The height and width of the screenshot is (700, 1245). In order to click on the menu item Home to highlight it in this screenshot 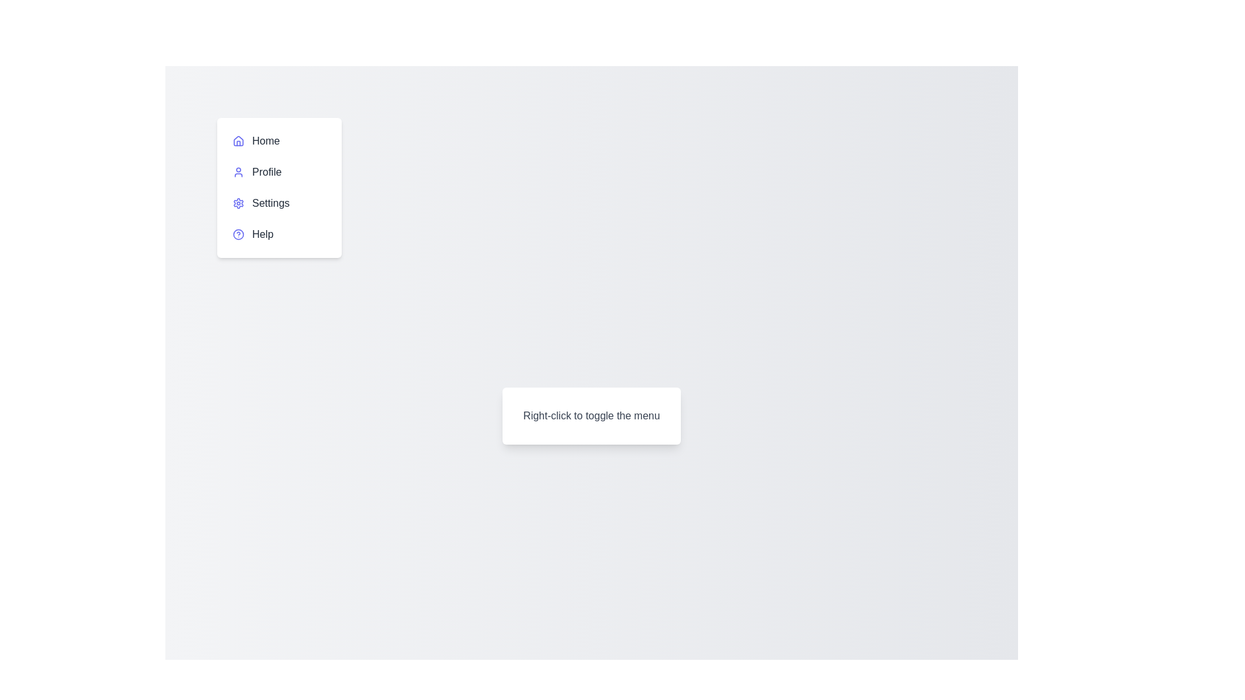, I will do `click(279, 141)`.